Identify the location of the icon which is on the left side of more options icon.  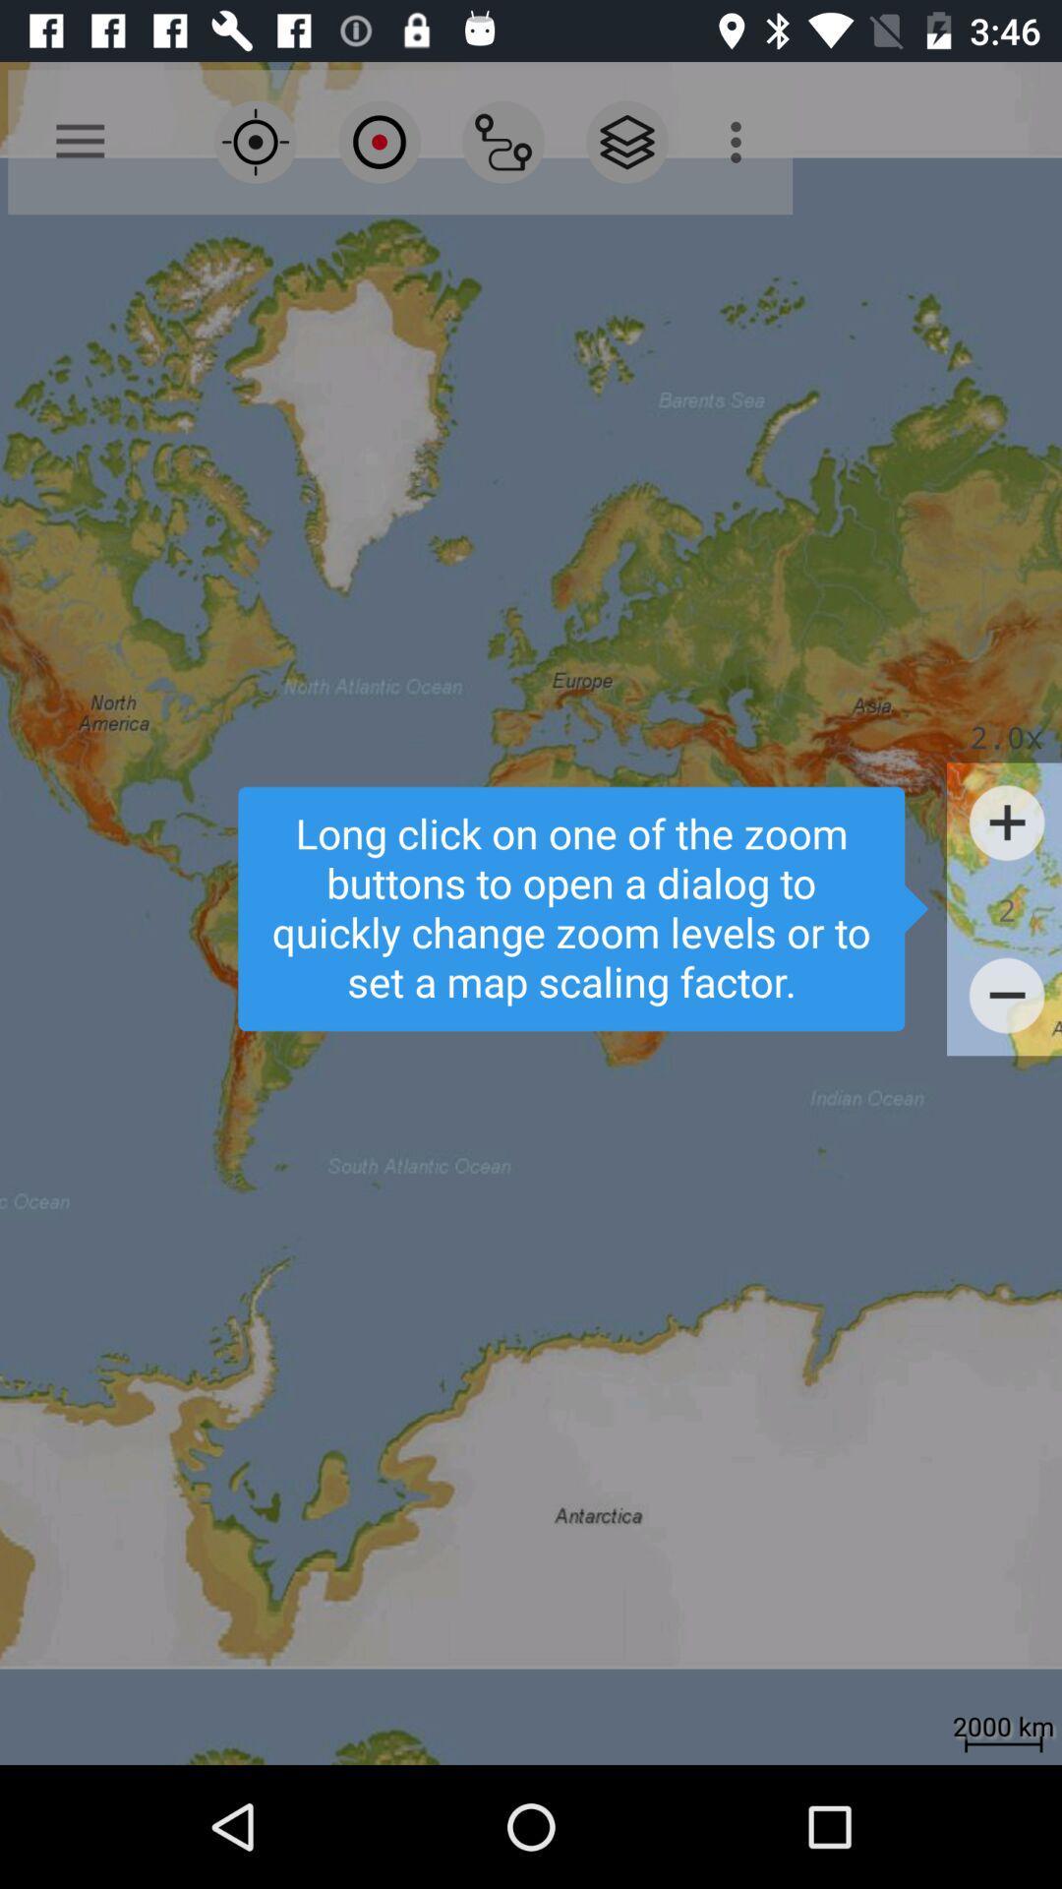
(626, 141).